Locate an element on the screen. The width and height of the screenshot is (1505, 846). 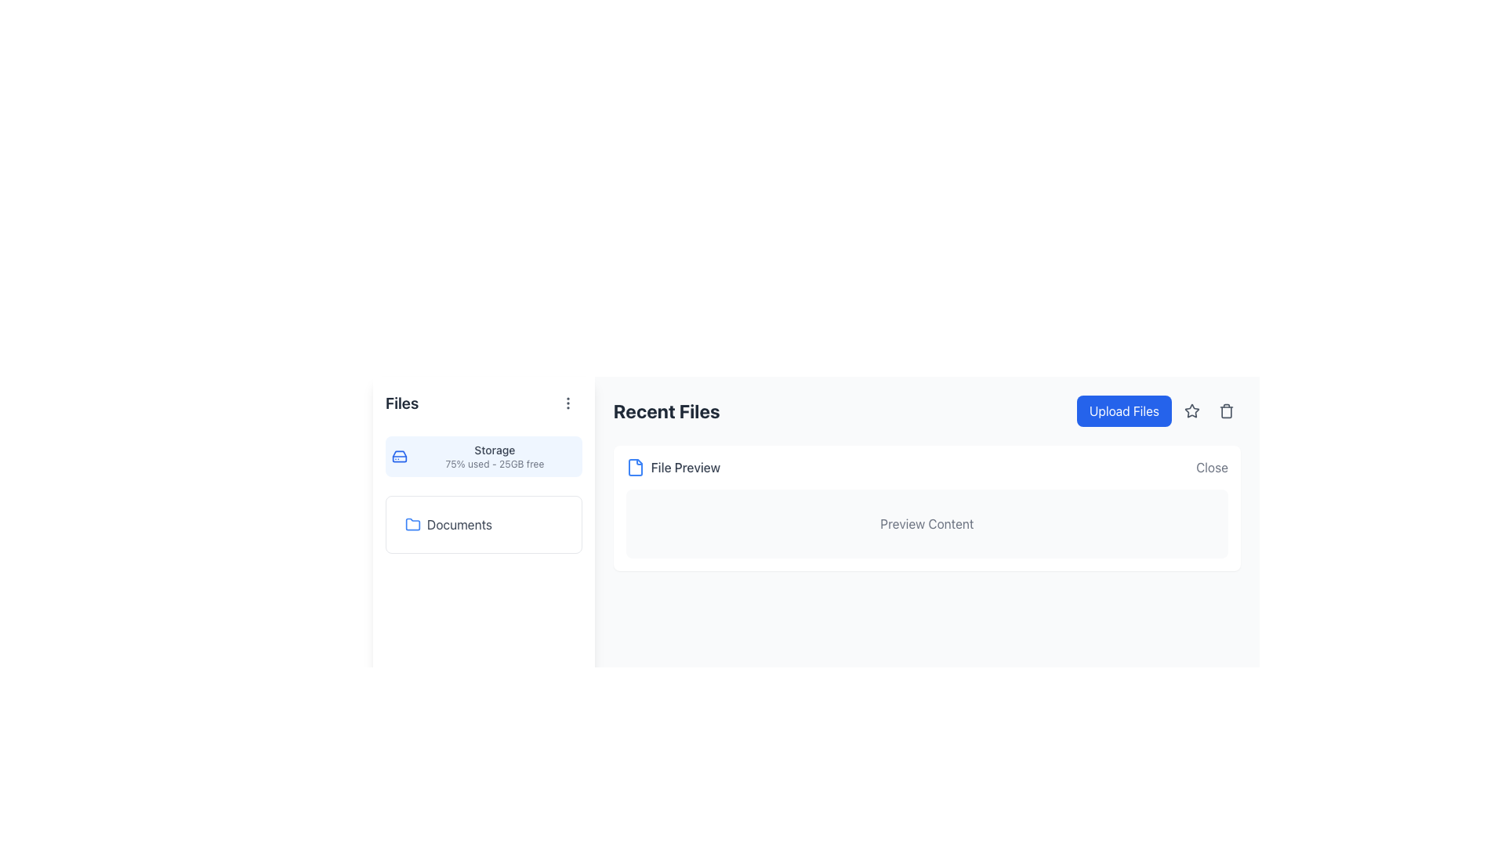
the circular button with a star-shaped icon that highlights when hovered, located to the right of the 'Upload Files' button and to the left of the trash can icon button is located at coordinates (1191, 410).